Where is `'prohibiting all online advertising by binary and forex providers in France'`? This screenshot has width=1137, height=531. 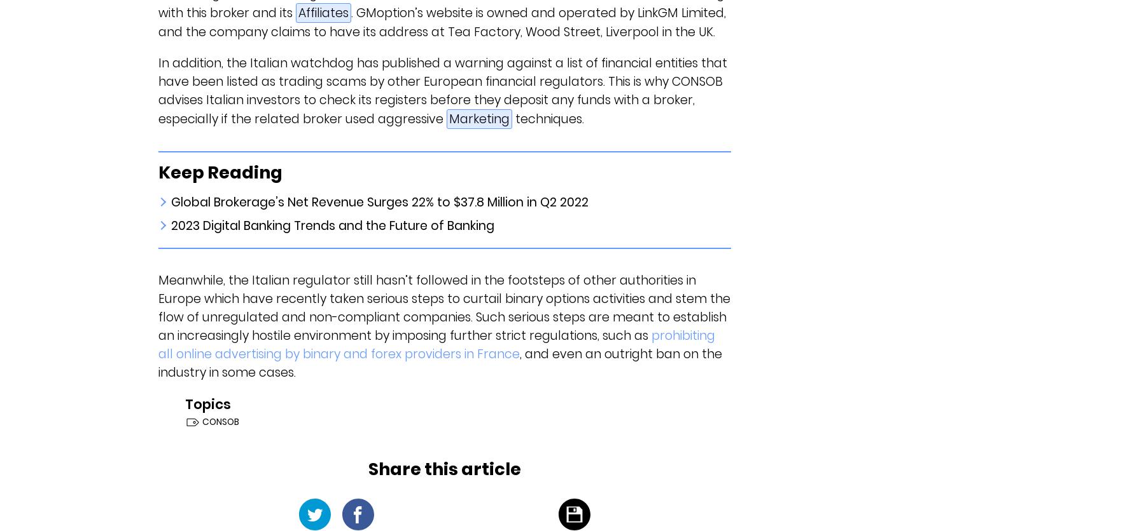 'prohibiting all online advertising by binary and forex providers in France' is located at coordinates (435, 344).